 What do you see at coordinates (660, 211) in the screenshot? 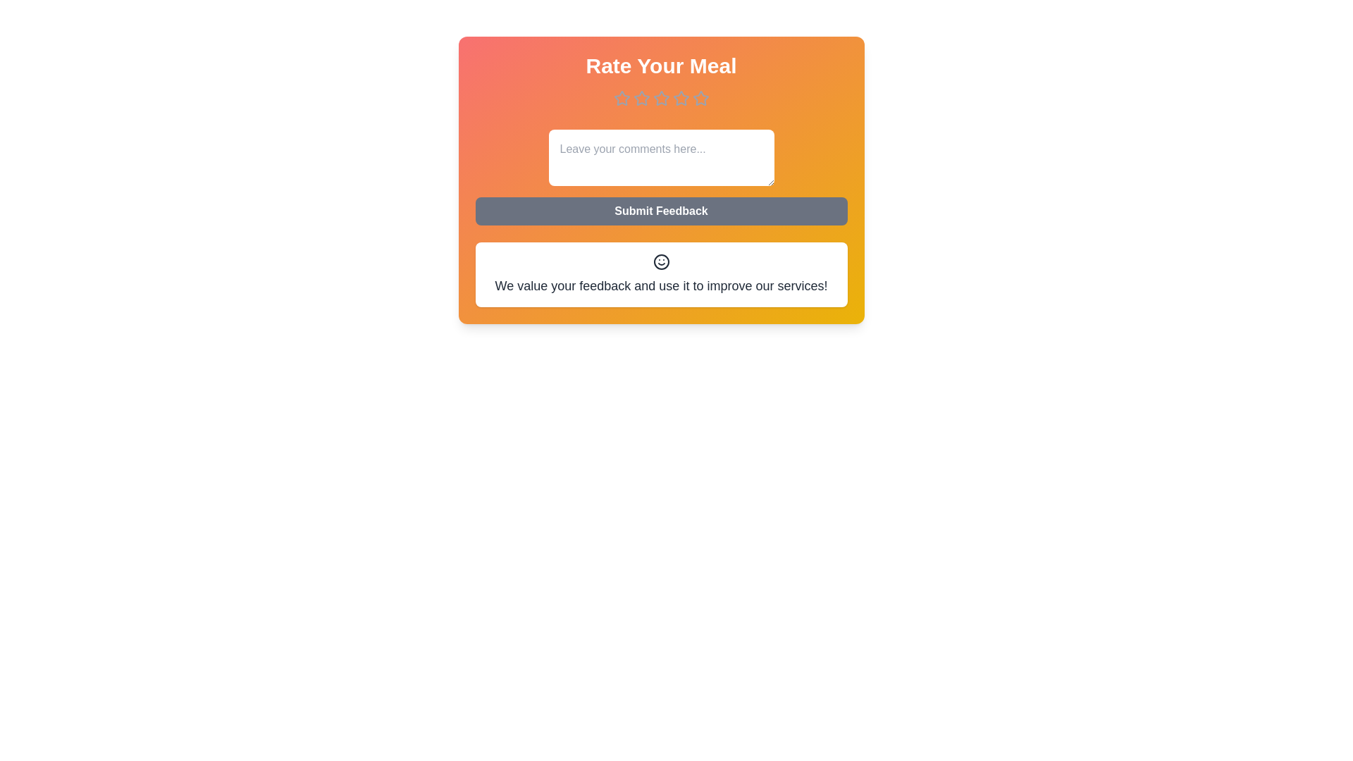
I see `the 'Submit Feedback' button to submit the feedback` at bounding box center [660, 211].